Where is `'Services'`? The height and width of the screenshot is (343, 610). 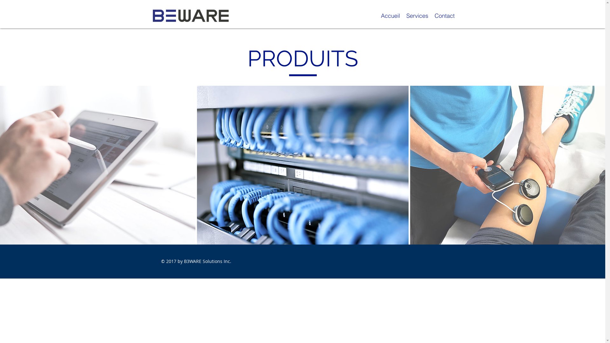 'Services' is located at coordinates (417, 15).